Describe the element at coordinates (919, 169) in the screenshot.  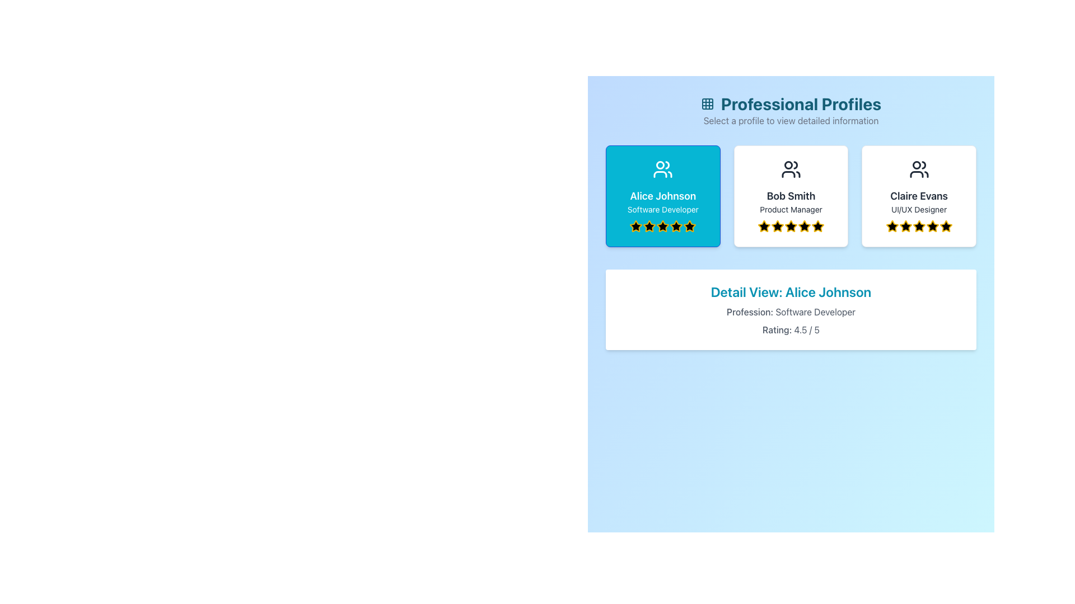
I see `the icon representing a group of people located at the top-center of the profile card labeled 'Claire Evans'` at that location.